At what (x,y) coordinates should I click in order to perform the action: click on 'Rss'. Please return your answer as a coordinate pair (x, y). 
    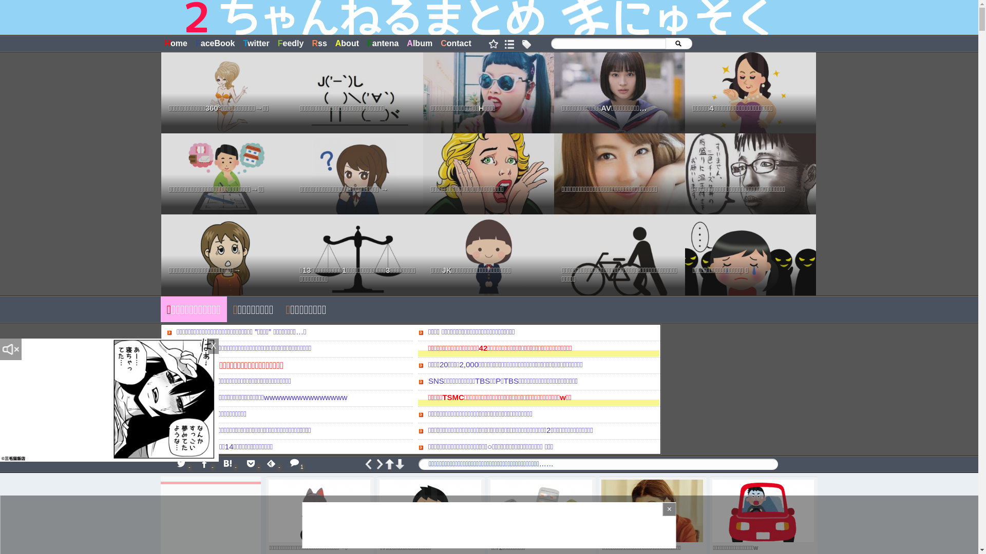
    Looking at the image, I should click on (307, 43).